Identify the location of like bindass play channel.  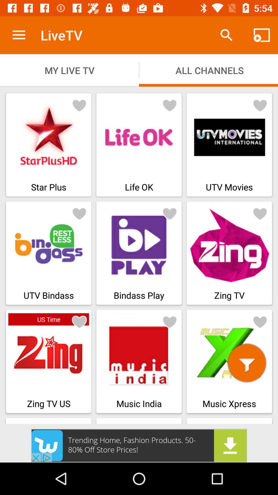
(170, 213).